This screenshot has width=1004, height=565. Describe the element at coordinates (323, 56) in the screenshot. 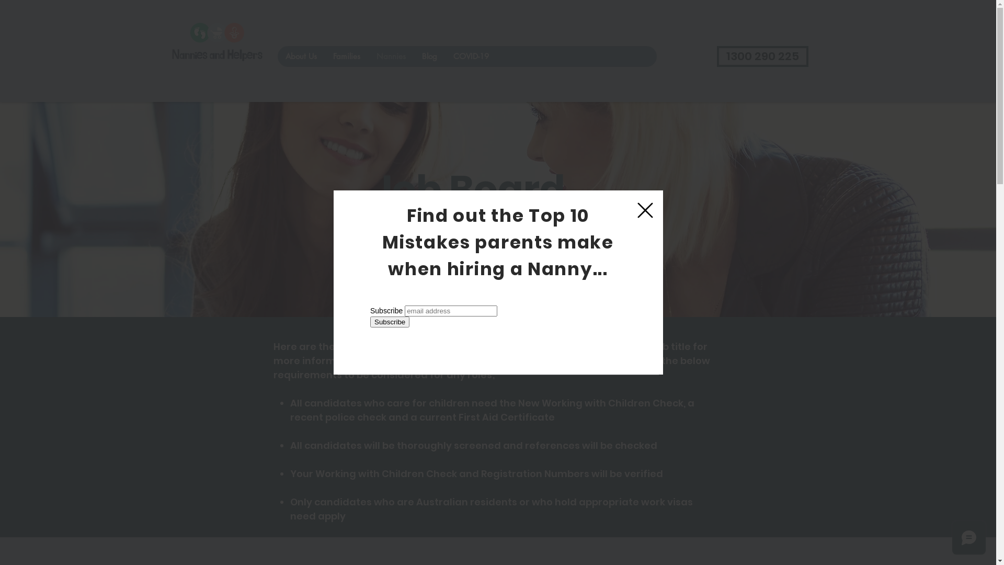

I see `'Families'` at that location.